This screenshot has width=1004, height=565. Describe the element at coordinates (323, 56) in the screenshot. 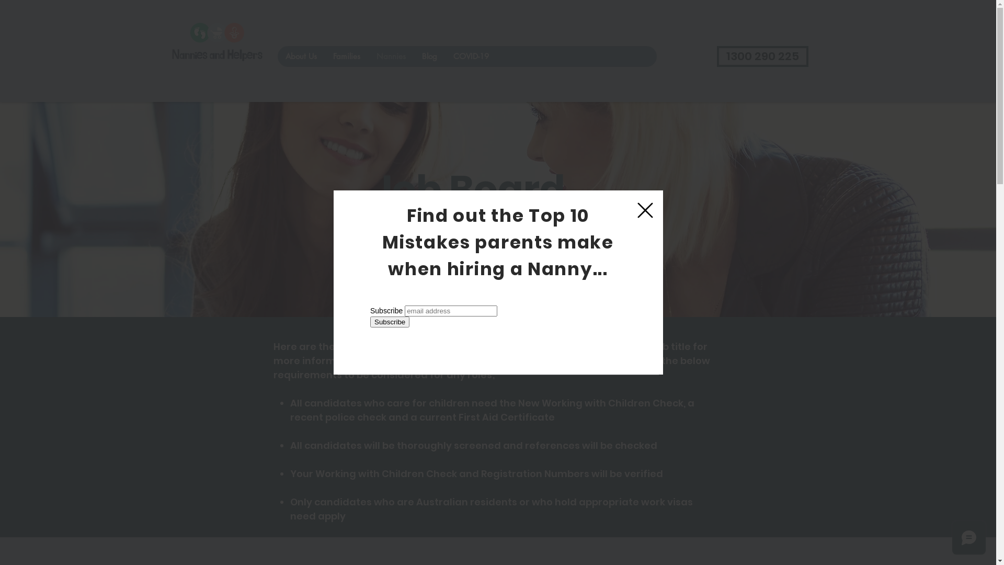

I see `'Families'` at that location.